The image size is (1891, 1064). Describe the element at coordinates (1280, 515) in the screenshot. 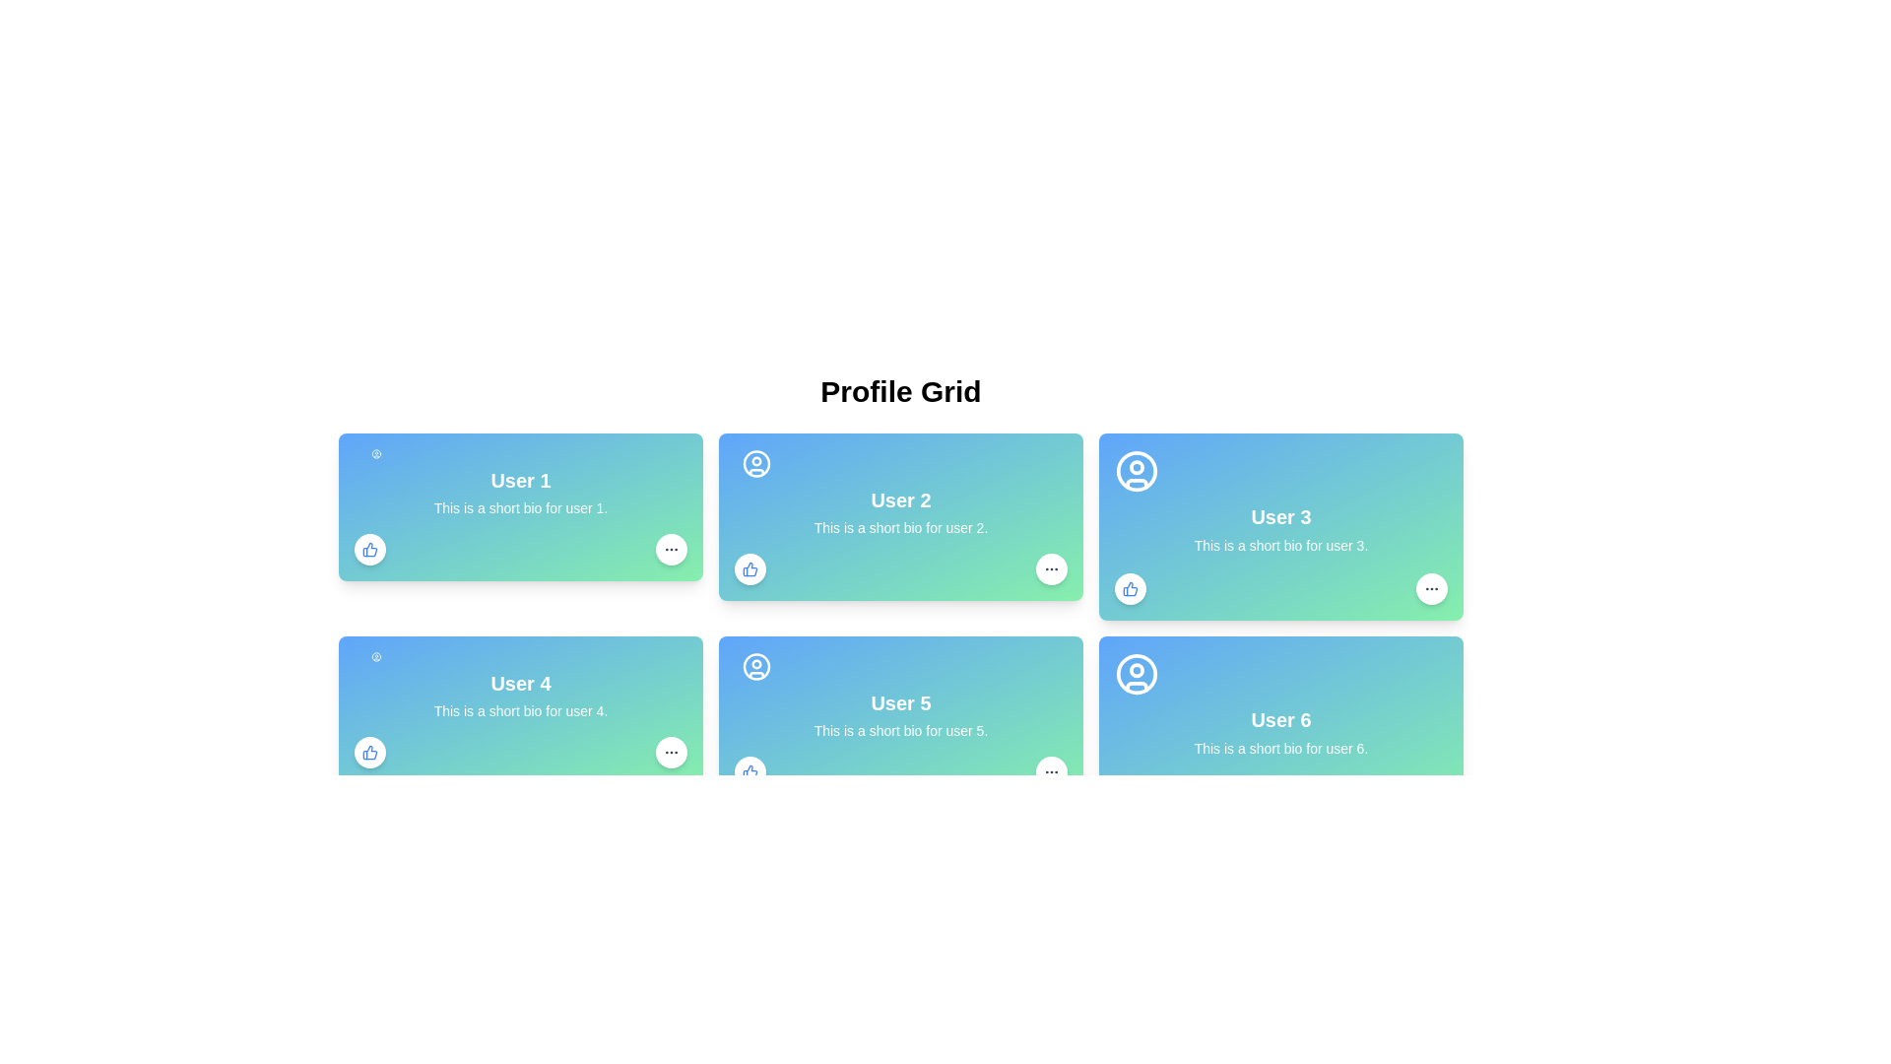

I see `the bold, large-sized text element displaying 'User 3', which is located at the top center of the third card in the top row of a grid layout, above a smaller description text` at that location.